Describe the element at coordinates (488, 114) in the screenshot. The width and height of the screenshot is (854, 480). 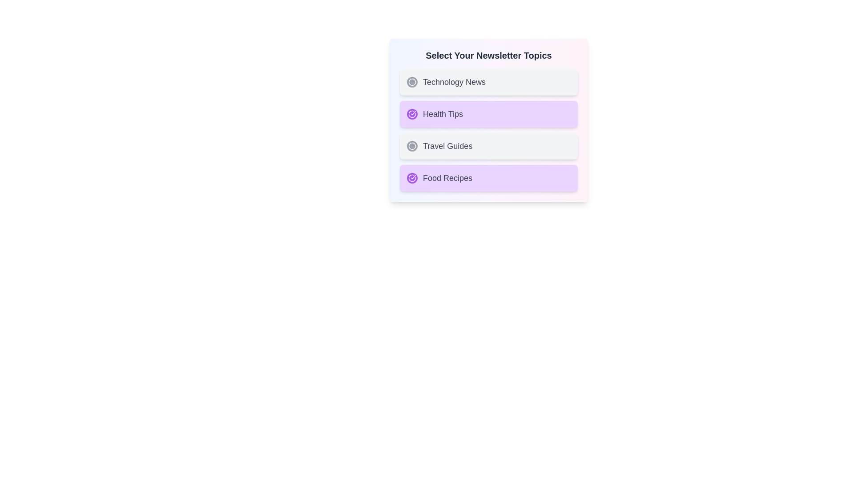
I see `the topic Health Tips` at that location.